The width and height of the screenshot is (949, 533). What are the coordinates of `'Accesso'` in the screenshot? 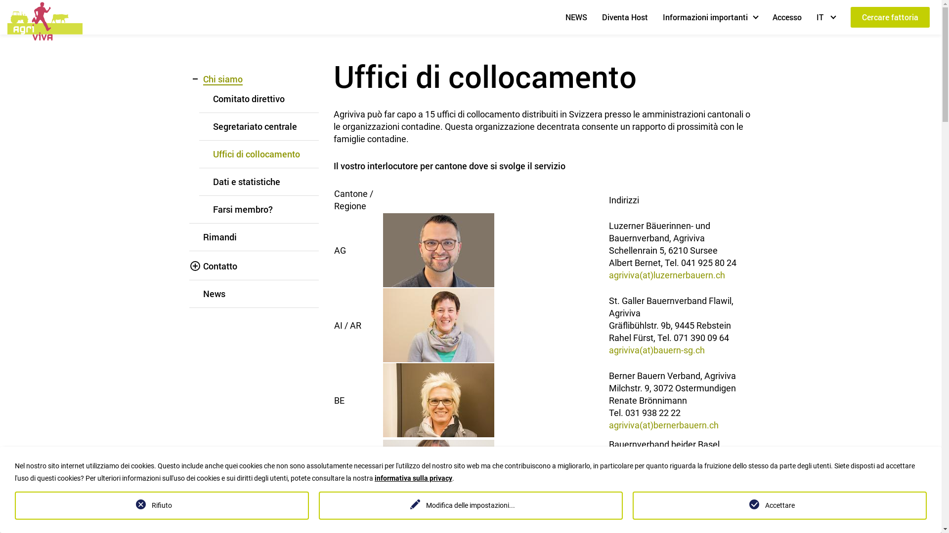 It's located at (768, 17).